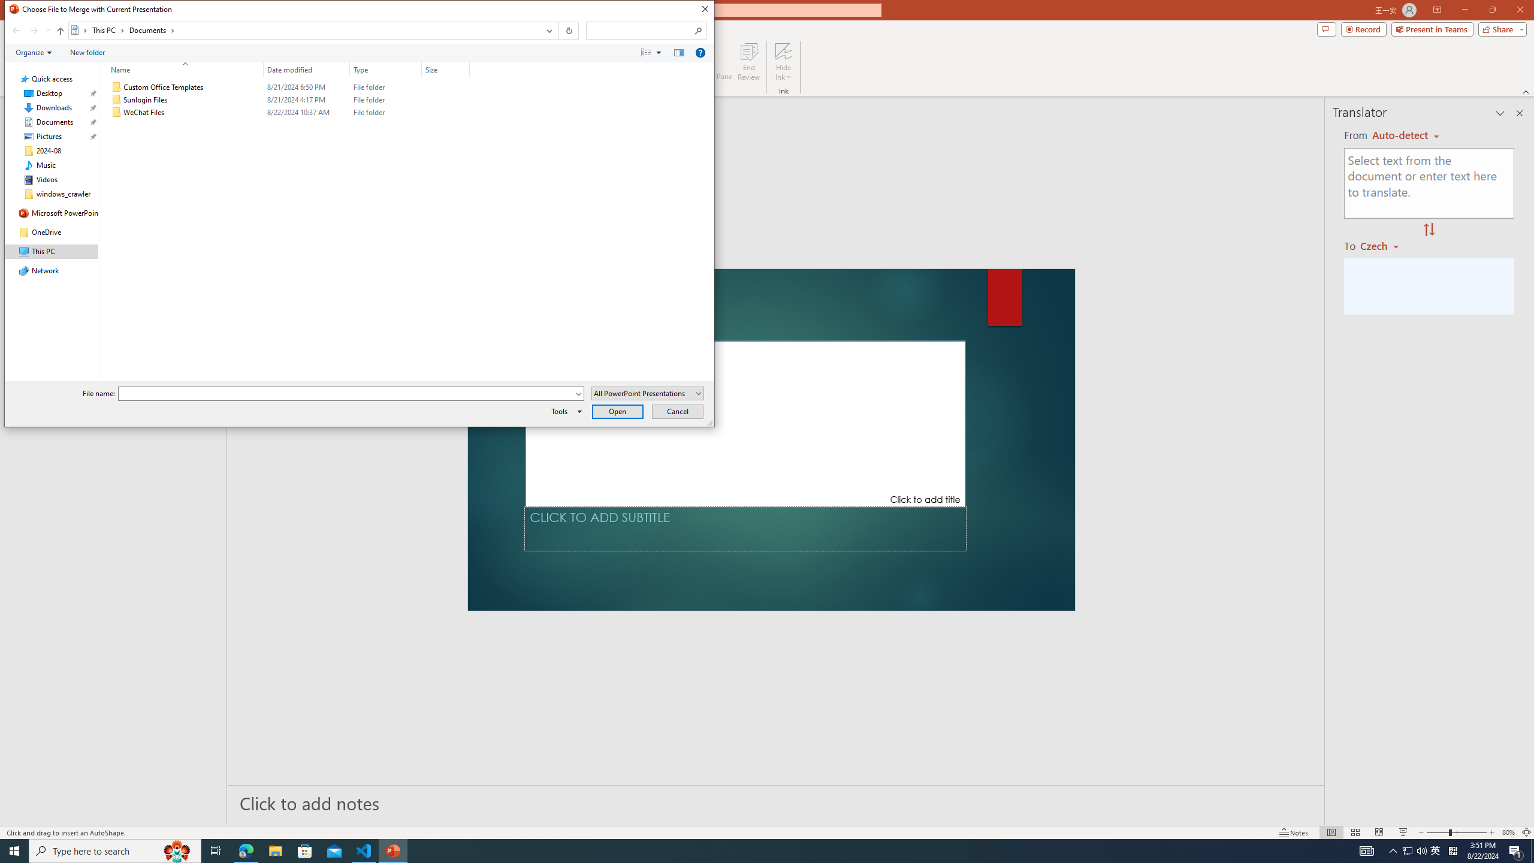 The height and width of the screenshot is (863, 1534). What do you see at coordinates (61, 32) in the screenshot?
I see `'Up band toolbar'` at bounding box center [61, 32].